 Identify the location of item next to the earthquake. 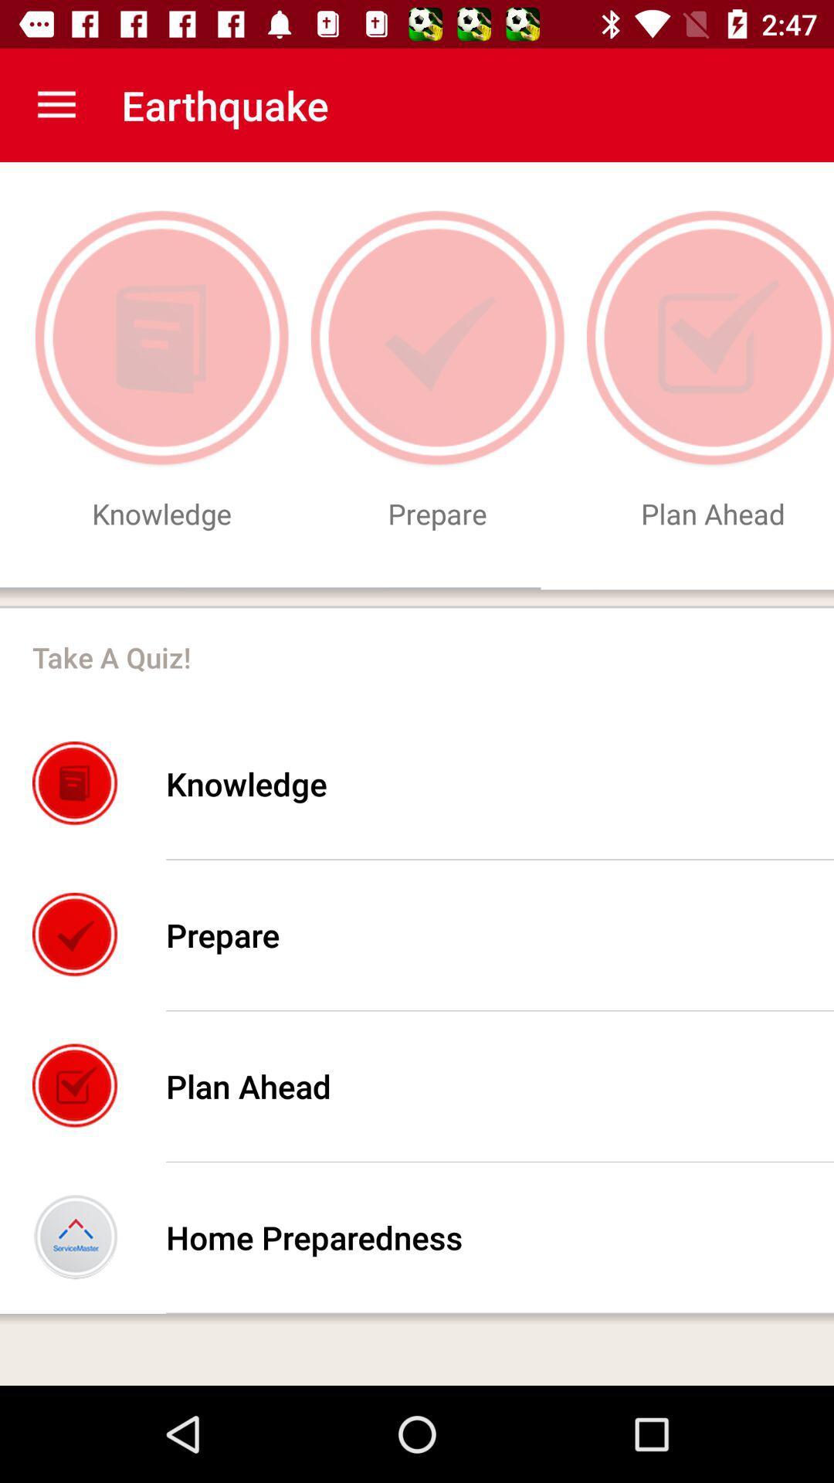
(56, 104).